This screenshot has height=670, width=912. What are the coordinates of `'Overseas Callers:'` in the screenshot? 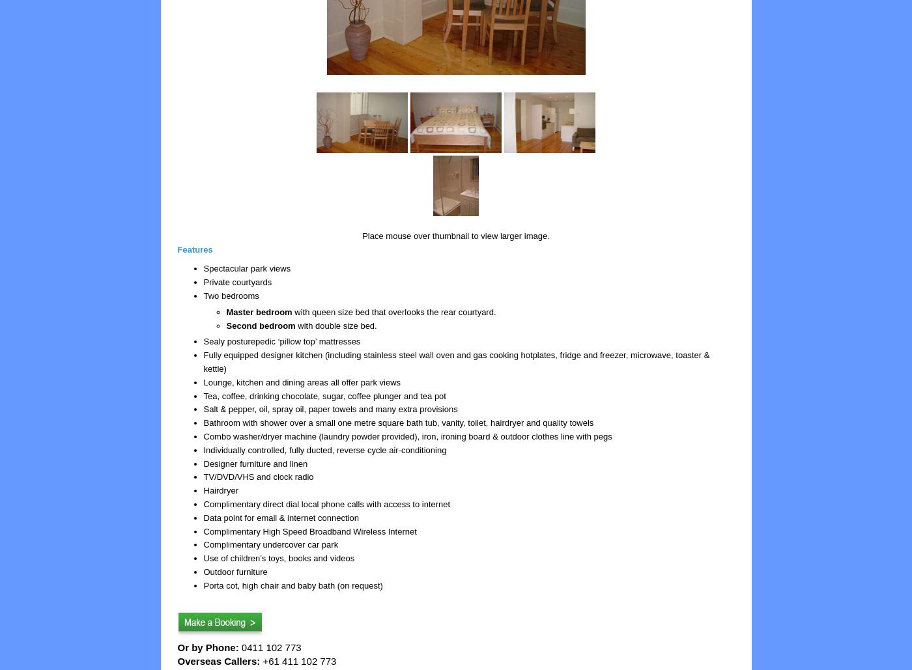 It's located at (177, 660).